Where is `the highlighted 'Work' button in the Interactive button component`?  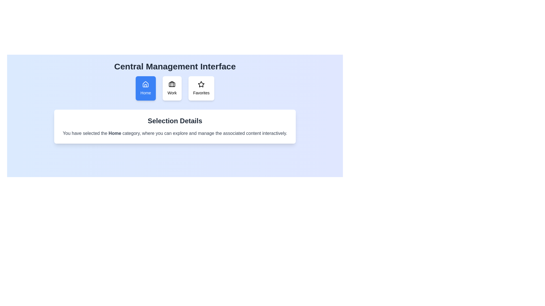 the highlighted 'Work' button in the Interactive button component is located at coordinates (175, 88).